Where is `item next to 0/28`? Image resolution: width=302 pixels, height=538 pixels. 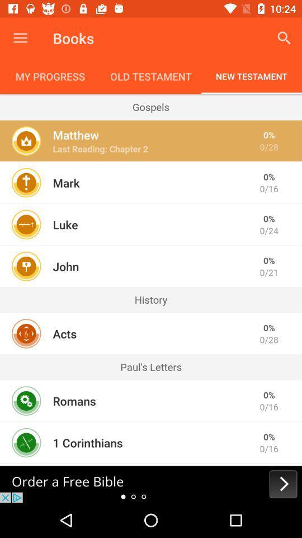 item next to 0/28 is located at coordinates (100, 148).